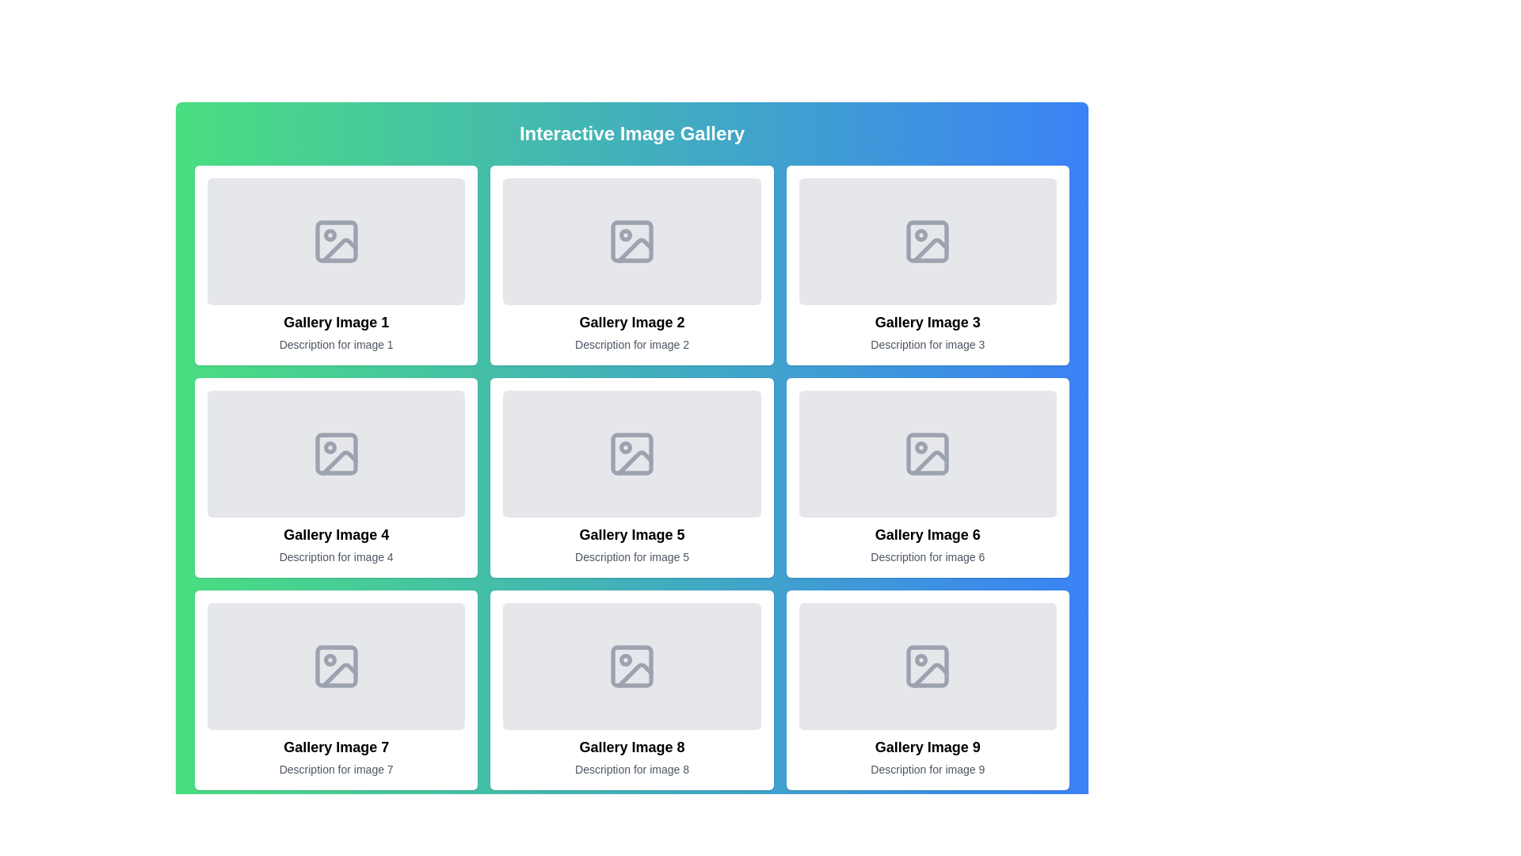 This screenshot has width=1521, height=856. What do you see at coordinates (928, 241) in the screenshot?
I see `the image placeholder element with a gray background and rounded corners, located within the third gallery item in the upper row, to focus it` at bounding box center [928, 241].